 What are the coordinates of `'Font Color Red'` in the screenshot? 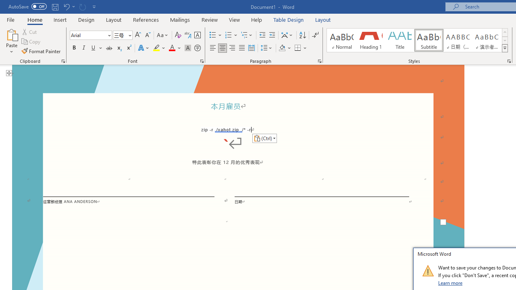 It's located at (171, 48).